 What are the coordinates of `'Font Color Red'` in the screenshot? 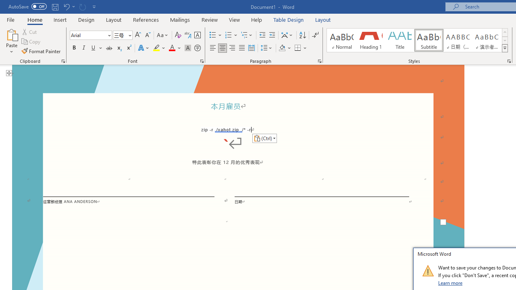 It's located at (171, 48).